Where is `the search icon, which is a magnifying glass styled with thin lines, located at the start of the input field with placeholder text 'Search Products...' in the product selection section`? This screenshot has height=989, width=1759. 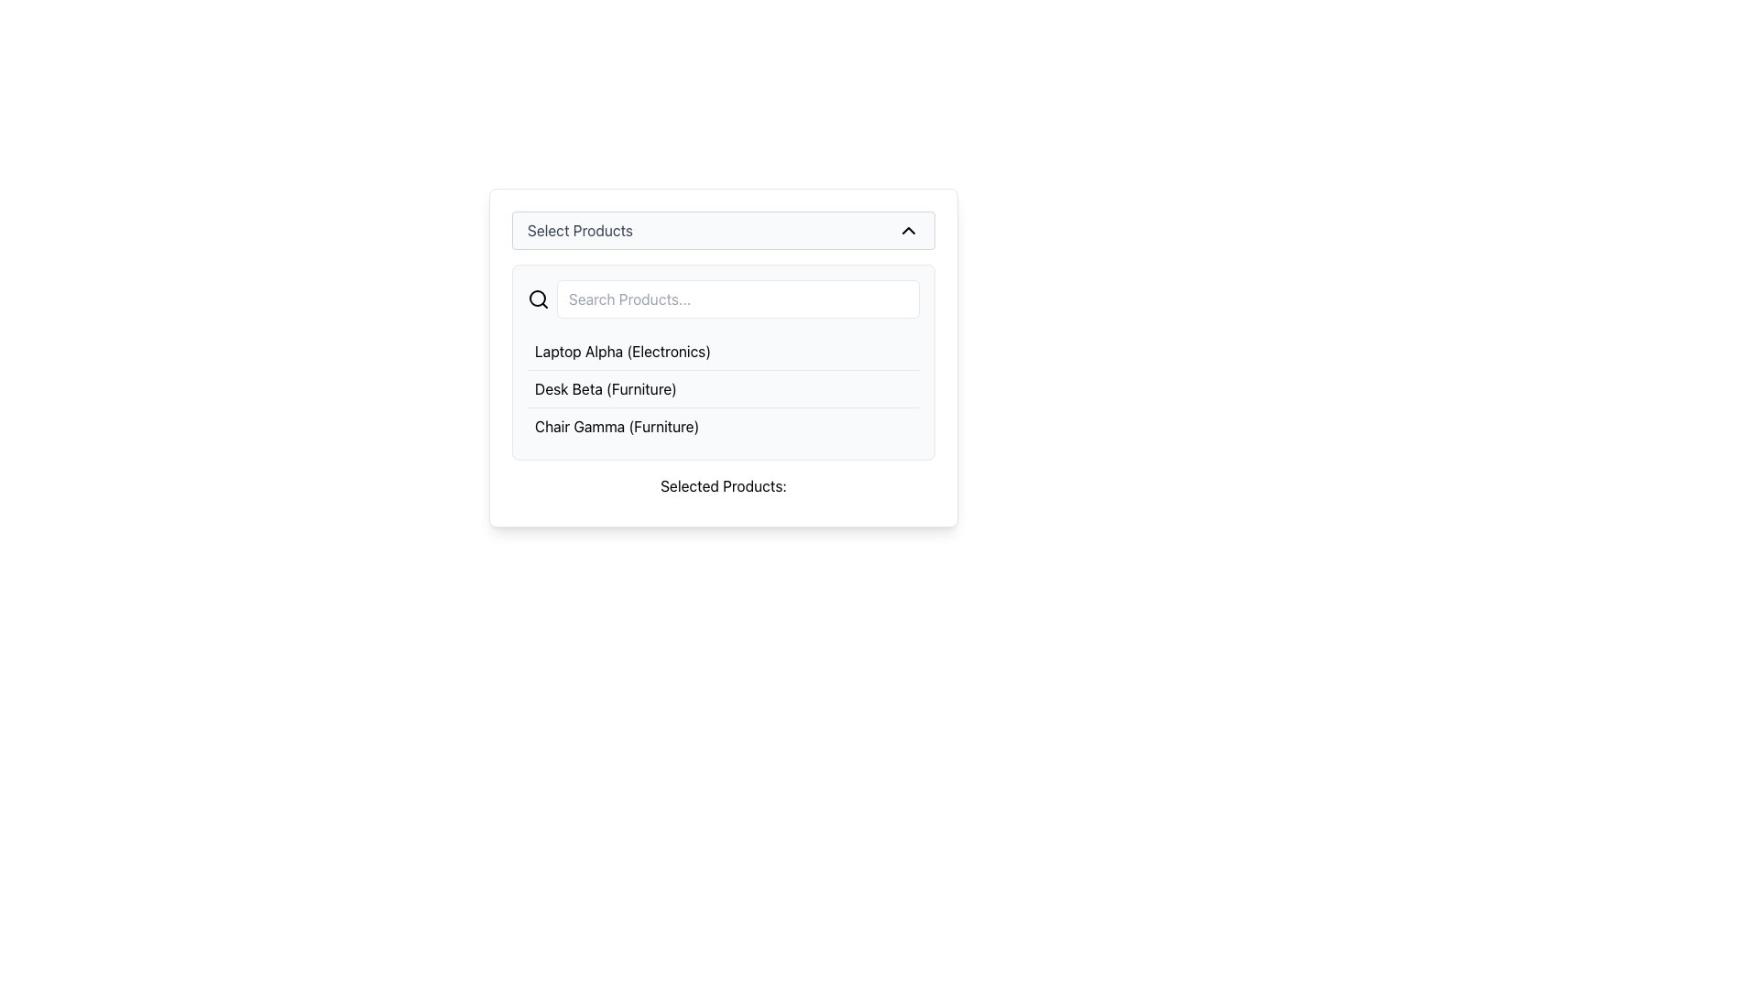
the search icon, which is a magnifying glass styled with thin lines, located at the start of the input field with placeholder text 'Search Products...' in the product selection section is located at coordinates (538, 299).